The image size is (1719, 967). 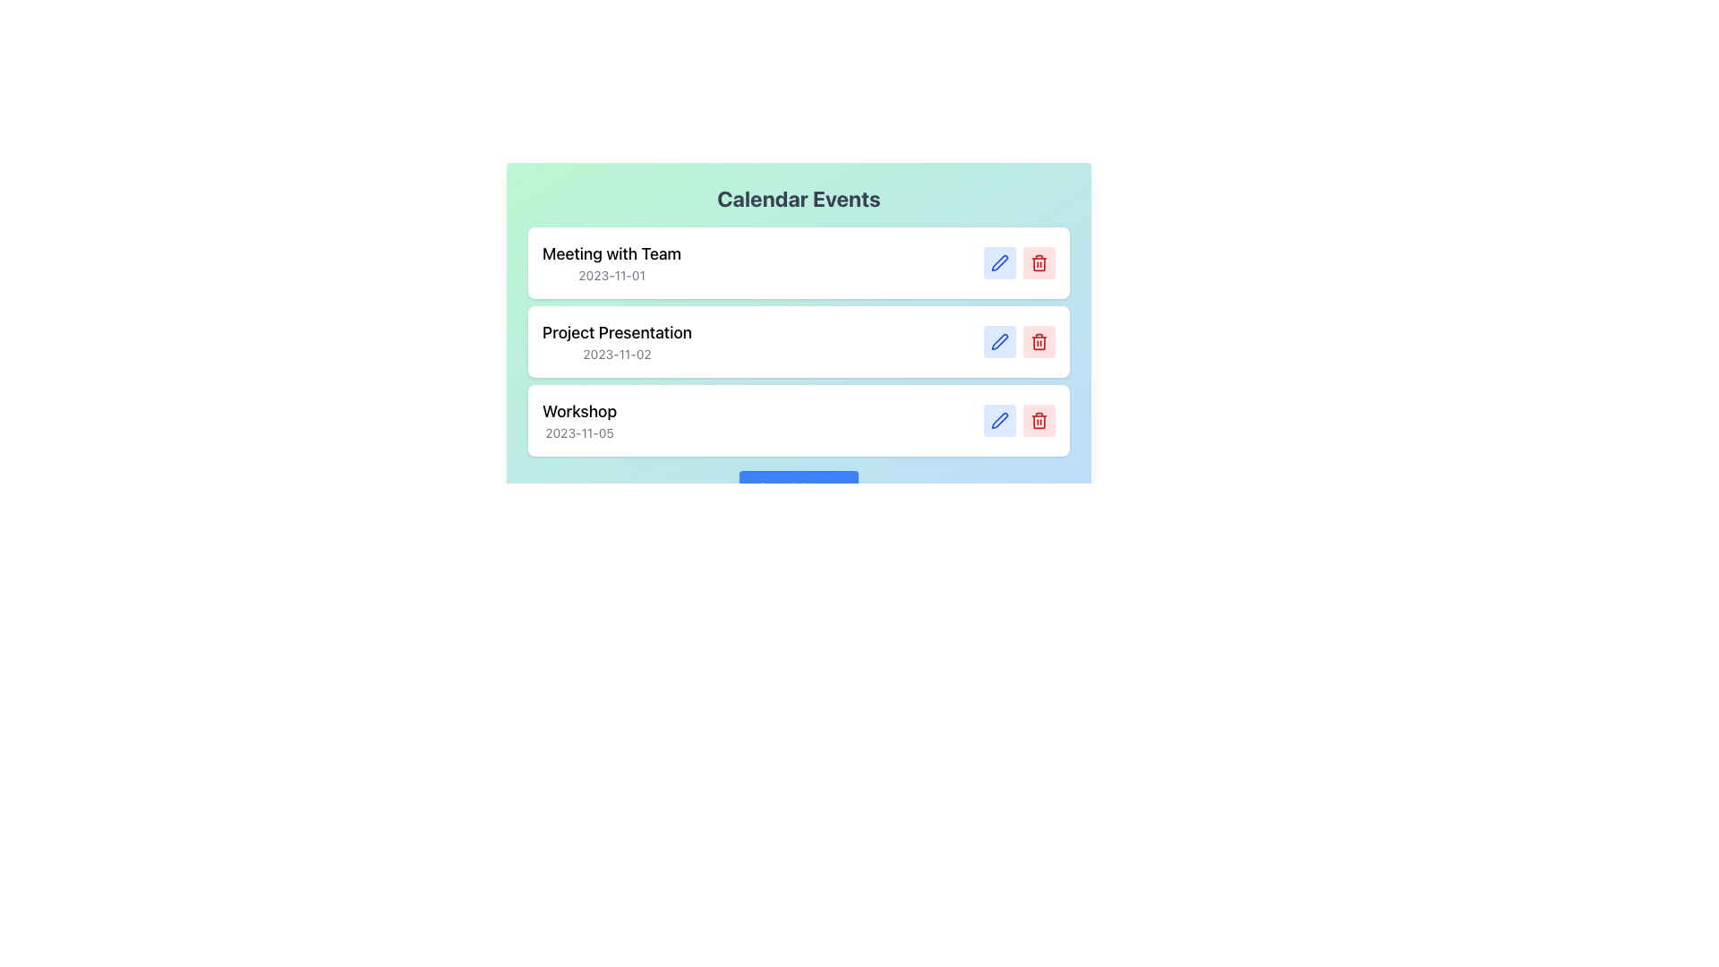 What do you see at coordinates (810, 489) in the screenshot?
I see `the text label that serves as a button for adding an event, located centrally at the bottom of the blue area` at bounding box center [810, 489].